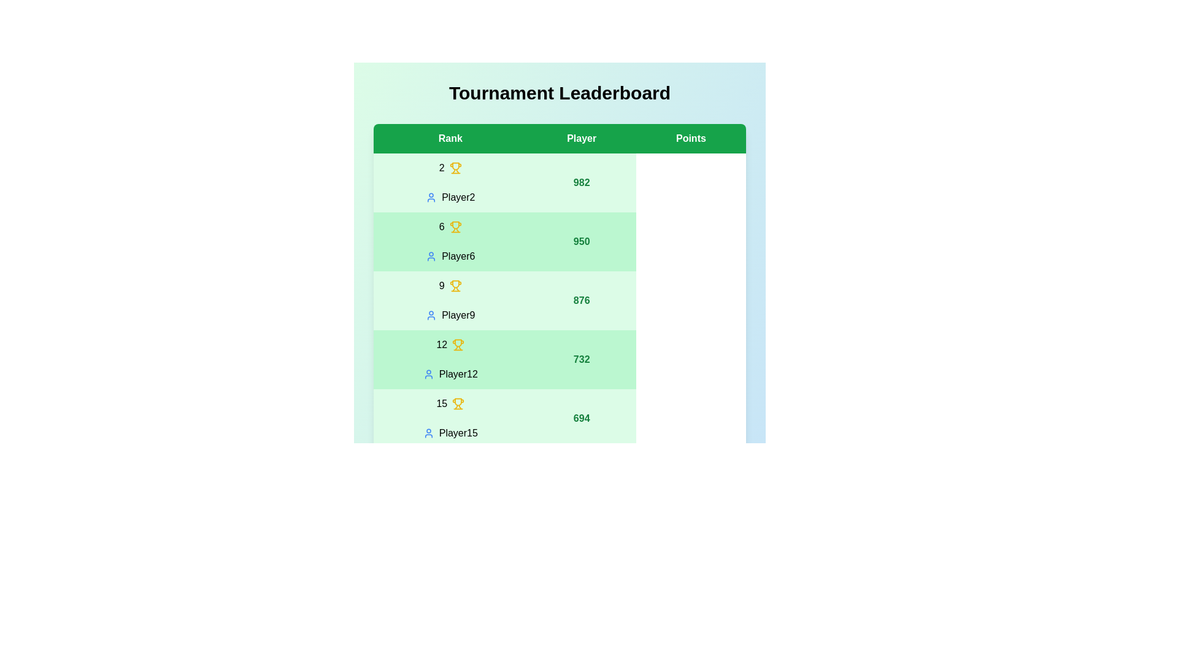 Image resolution: width=1178 pixels, height=663 pixels. I want to click on the row corresponding to rank 15, so click(559, 418).